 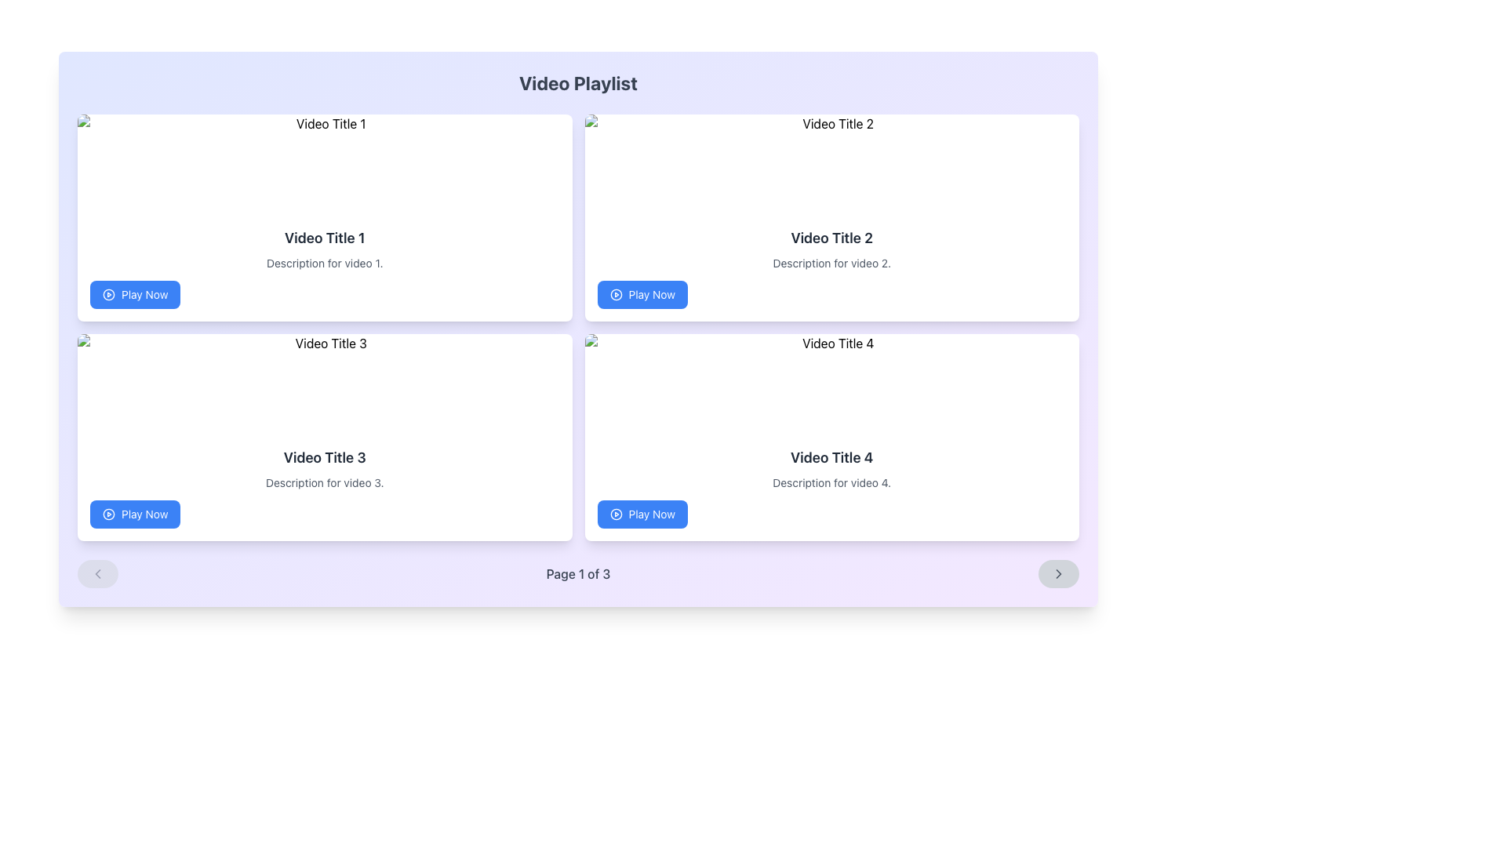 I want to click on the title text located in the upper-left video card, centered above the description text 'Description for video 1.' and the 'Play Now' button, so click(x=324, y=238).